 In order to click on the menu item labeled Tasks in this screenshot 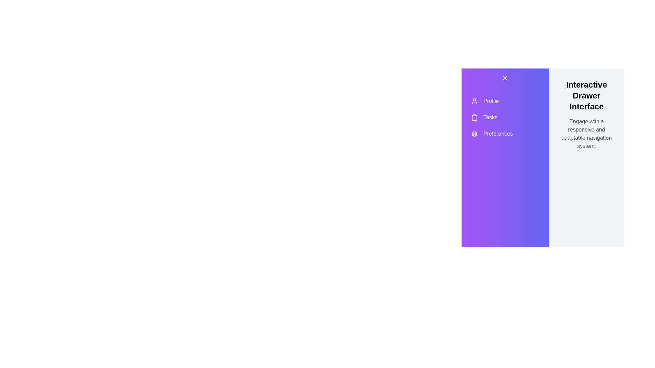, I will do `click(505, 117)`.